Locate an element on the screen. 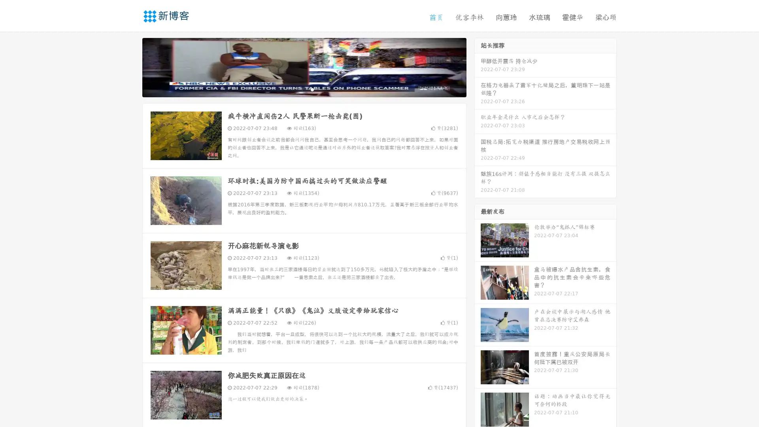  Next slide is located at coordinates (478, 66).